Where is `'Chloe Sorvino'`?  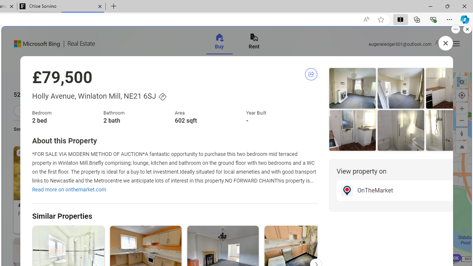
'Chloe Sorvino' is located at coordinates (61, 6).